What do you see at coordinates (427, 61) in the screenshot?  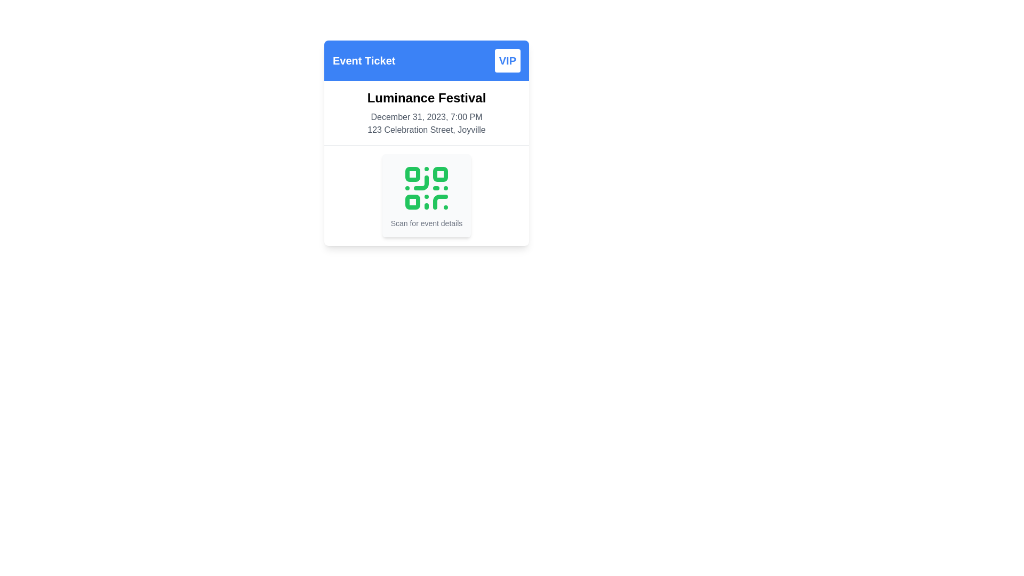 I see `the blue informational banner element at the top of the event card that displays 'Event Ticket' and 'VIP'` at bounding box center [427, 61].